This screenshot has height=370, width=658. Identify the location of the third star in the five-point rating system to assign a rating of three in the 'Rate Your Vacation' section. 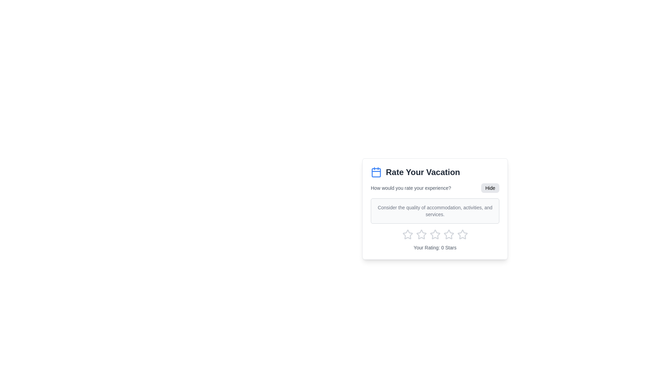
(434, 234).